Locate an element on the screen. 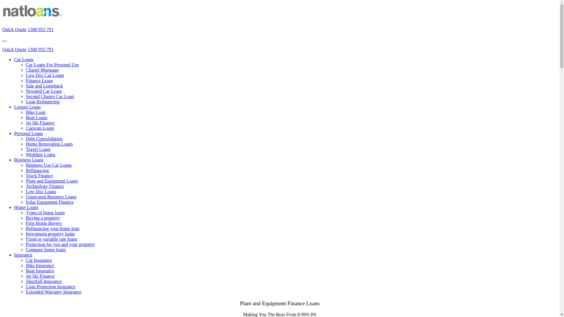 The image size is (564, 317). 'Investment property loans' is located at coordinates (50, 233).